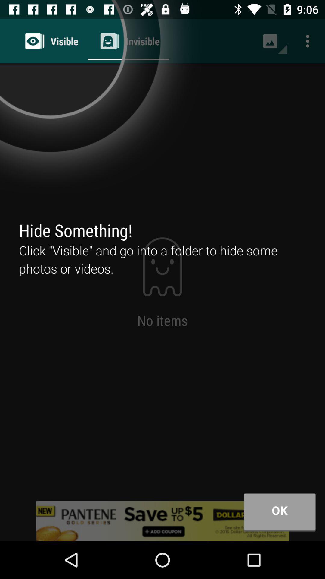  What do you see at coordinates (162, 521) in the screenshot?
I see `advertisement` at bounding box center [162, 521].